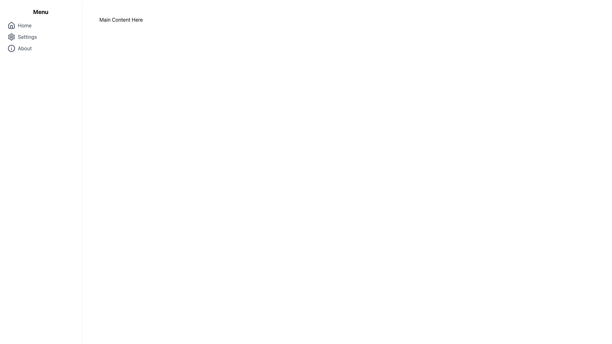  What do you see at coordinates (11, 37) in the screenshot?
I see `the gear-like icon representing settings in the left navigation menu, which is located second under the 'Home' icon and next to the 'Settings' label` at bounding box center [11, 37].